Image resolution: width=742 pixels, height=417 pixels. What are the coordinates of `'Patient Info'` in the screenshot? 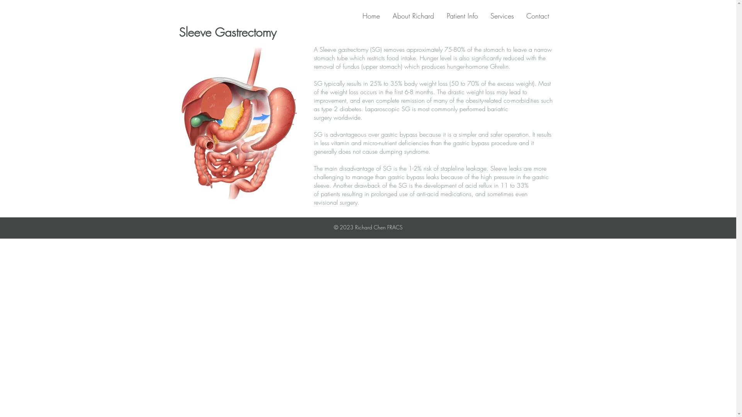 It's located at (443, 16).